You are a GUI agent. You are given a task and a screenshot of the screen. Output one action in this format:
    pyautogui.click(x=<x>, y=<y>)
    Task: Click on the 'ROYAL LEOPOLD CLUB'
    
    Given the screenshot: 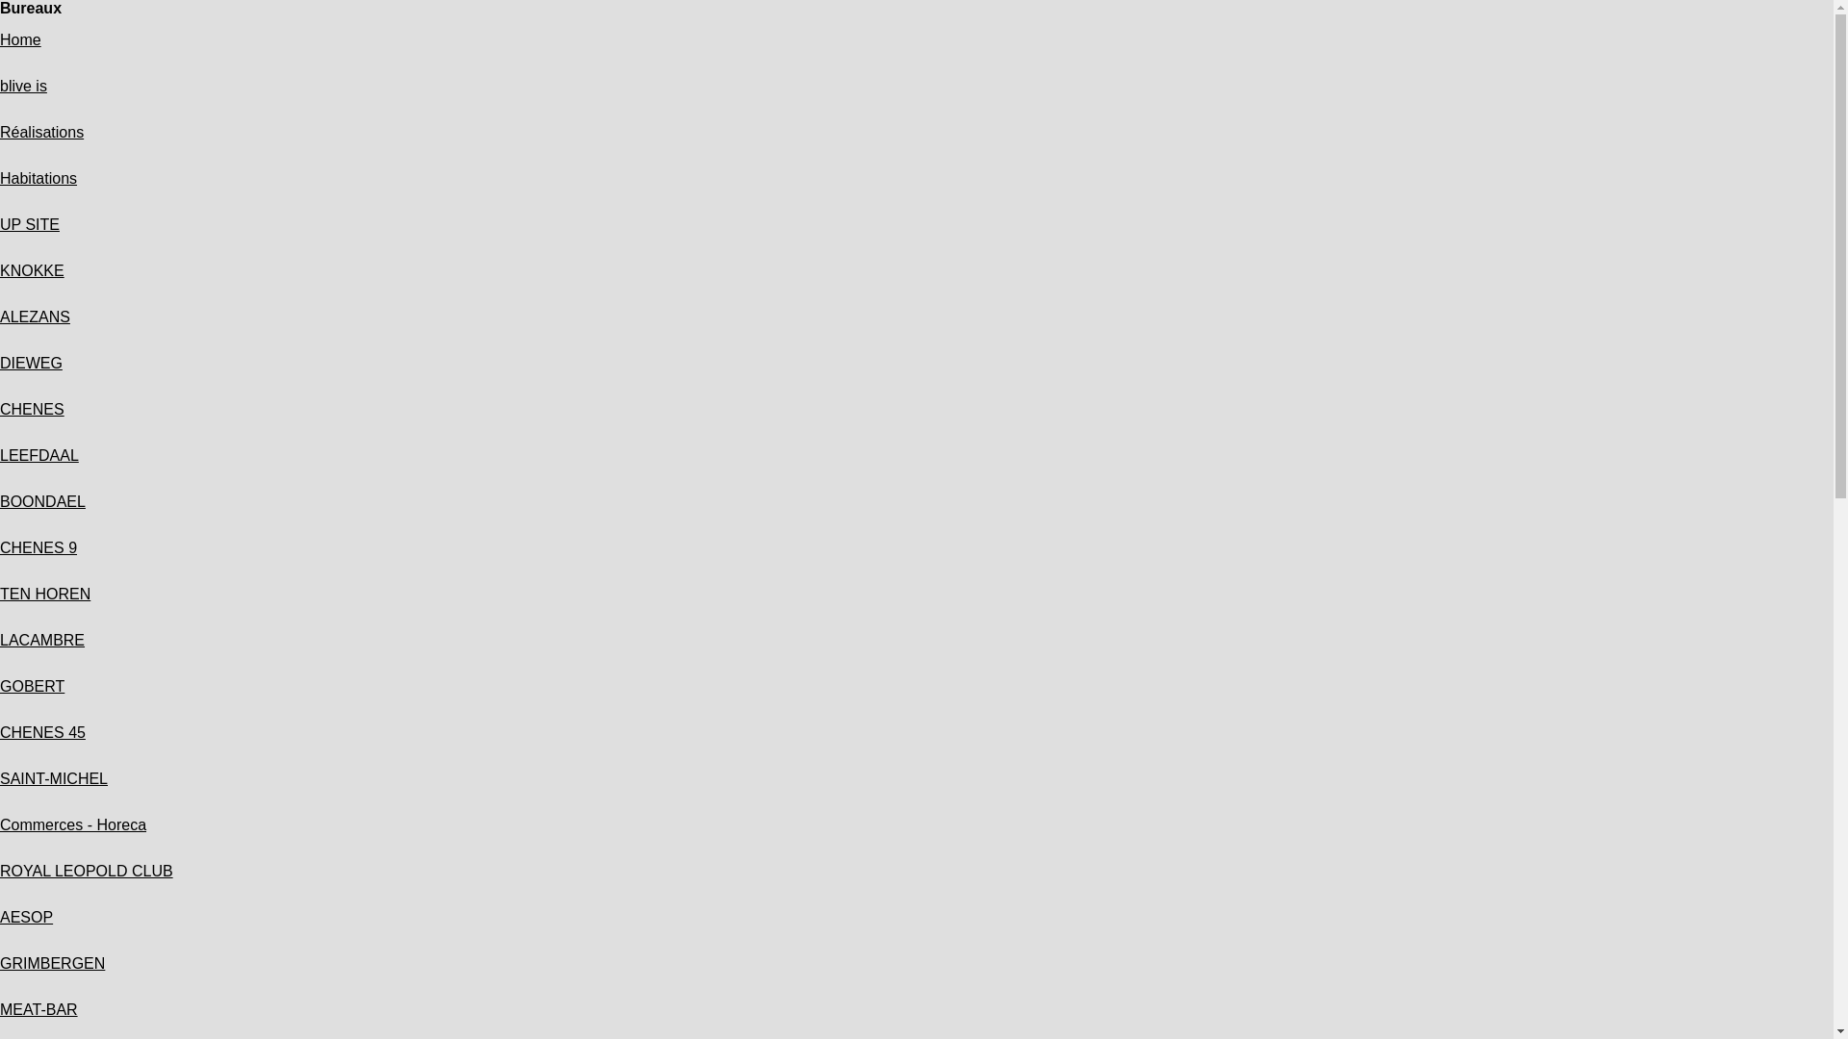 What is the action you would take?
    pyautogui.click(x=86, y=871)
    